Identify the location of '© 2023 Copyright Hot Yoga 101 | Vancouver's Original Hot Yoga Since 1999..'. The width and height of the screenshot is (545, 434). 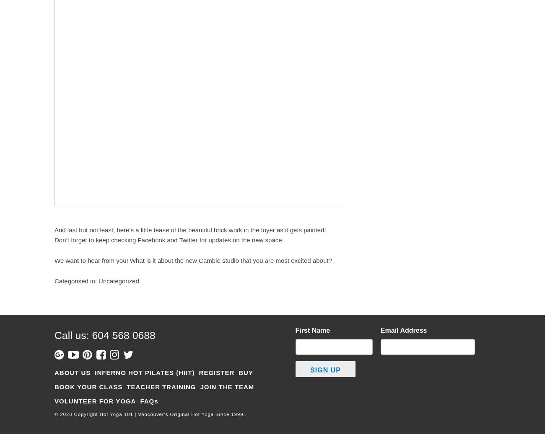
(150, 413).